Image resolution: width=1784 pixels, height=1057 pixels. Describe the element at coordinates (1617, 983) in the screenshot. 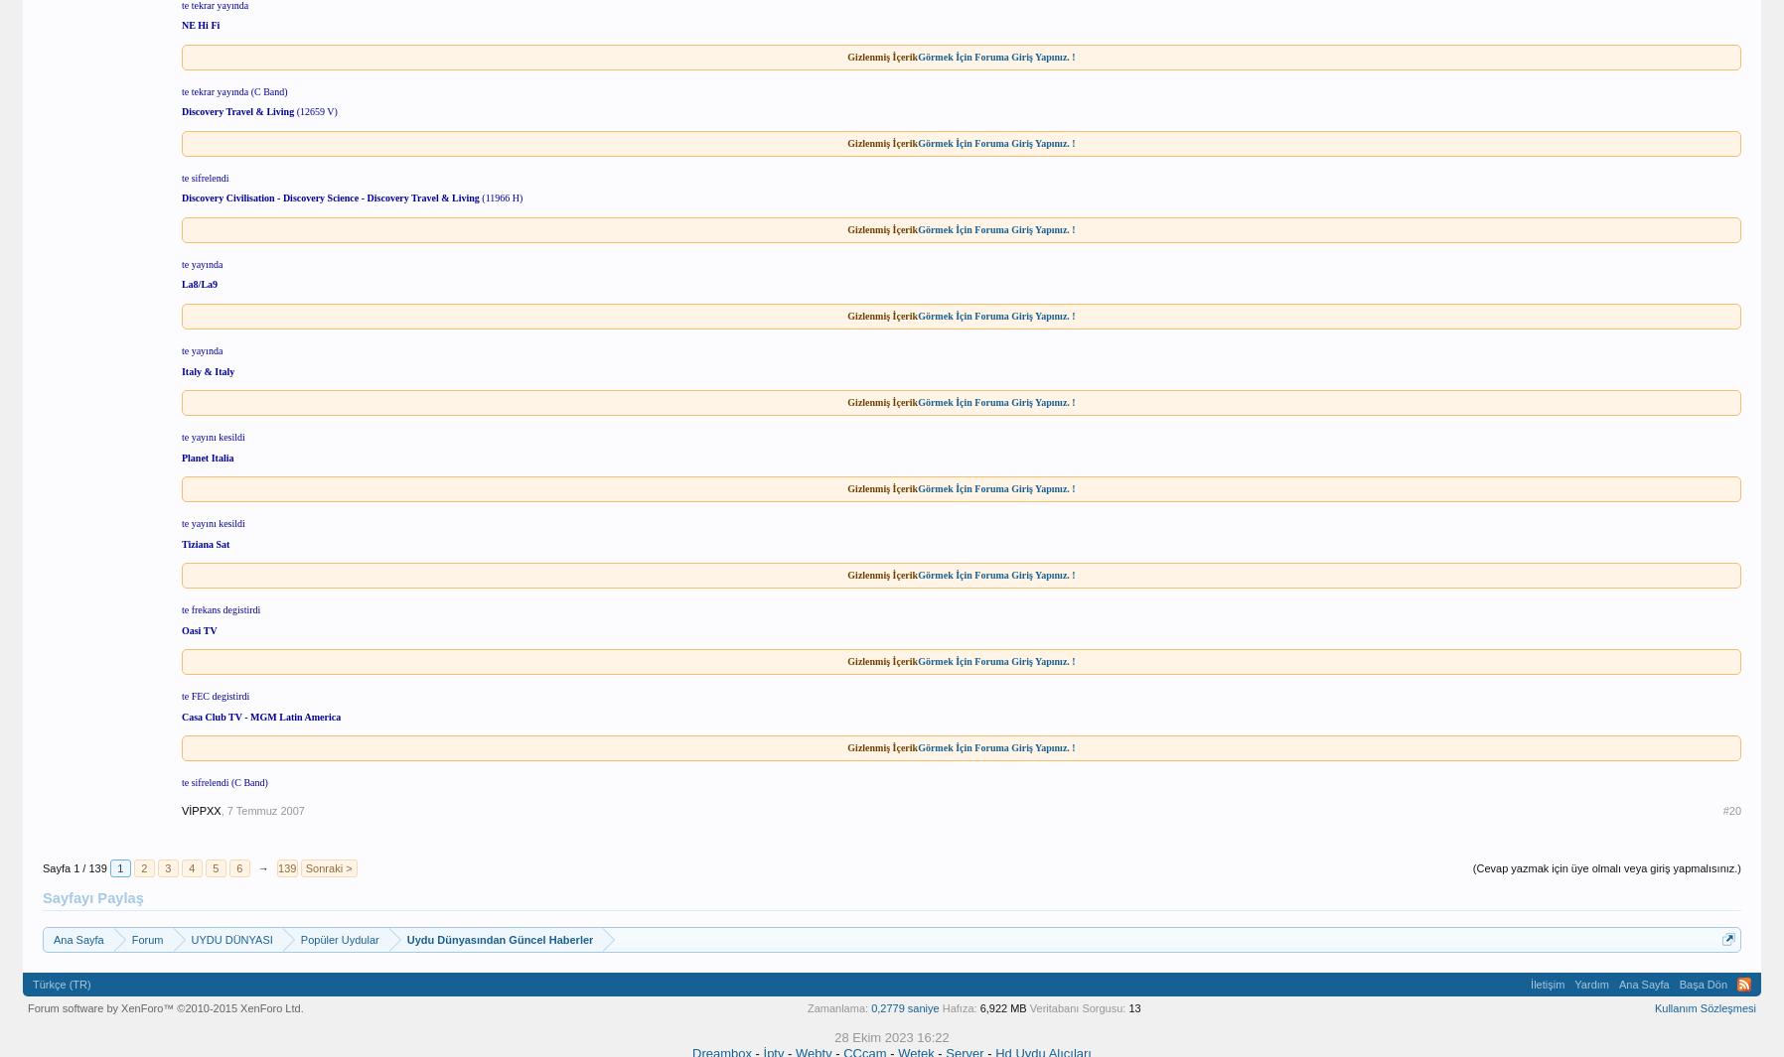

I see `'Ana Sayfa'` at that location.